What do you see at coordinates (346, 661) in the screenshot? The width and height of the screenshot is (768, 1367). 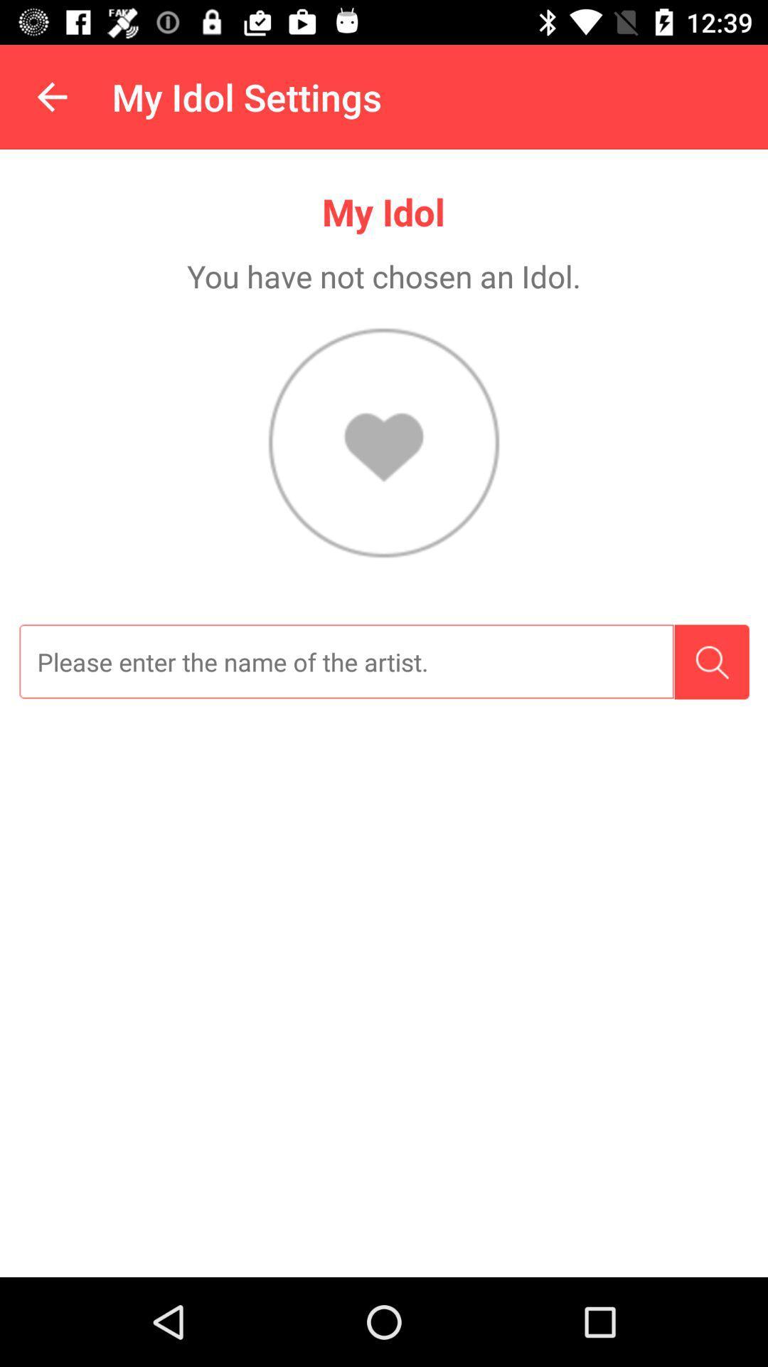 I see `search name of artist` at bounding box center [346, 661].